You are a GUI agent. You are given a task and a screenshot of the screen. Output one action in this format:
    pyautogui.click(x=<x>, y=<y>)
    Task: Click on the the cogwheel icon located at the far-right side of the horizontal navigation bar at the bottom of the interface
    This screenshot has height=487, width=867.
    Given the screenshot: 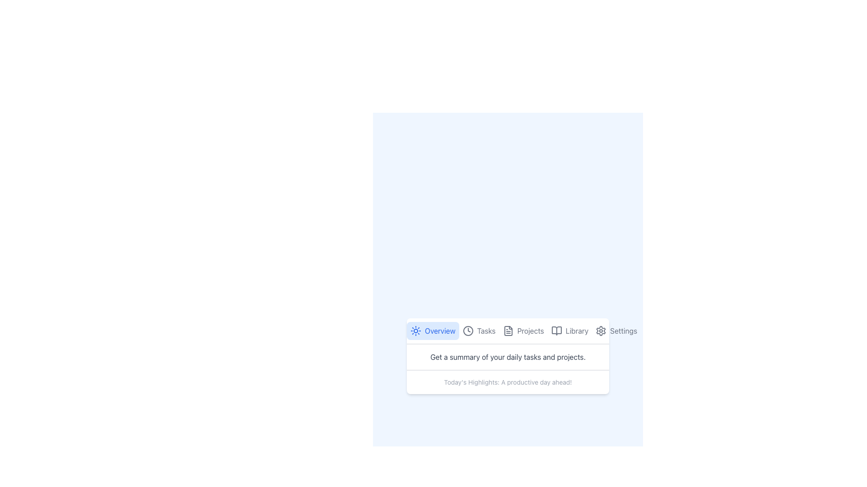 What is the action you would take?
    pyautogui.click(x=601, y=331)
    